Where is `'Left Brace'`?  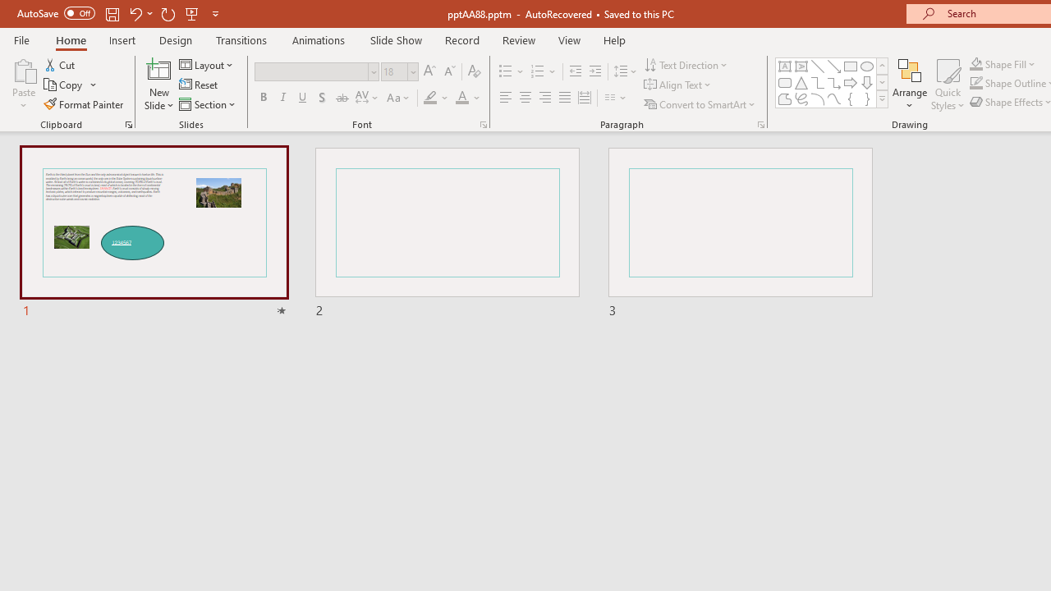
'Left Brace' is located at coordinates (851, 98).